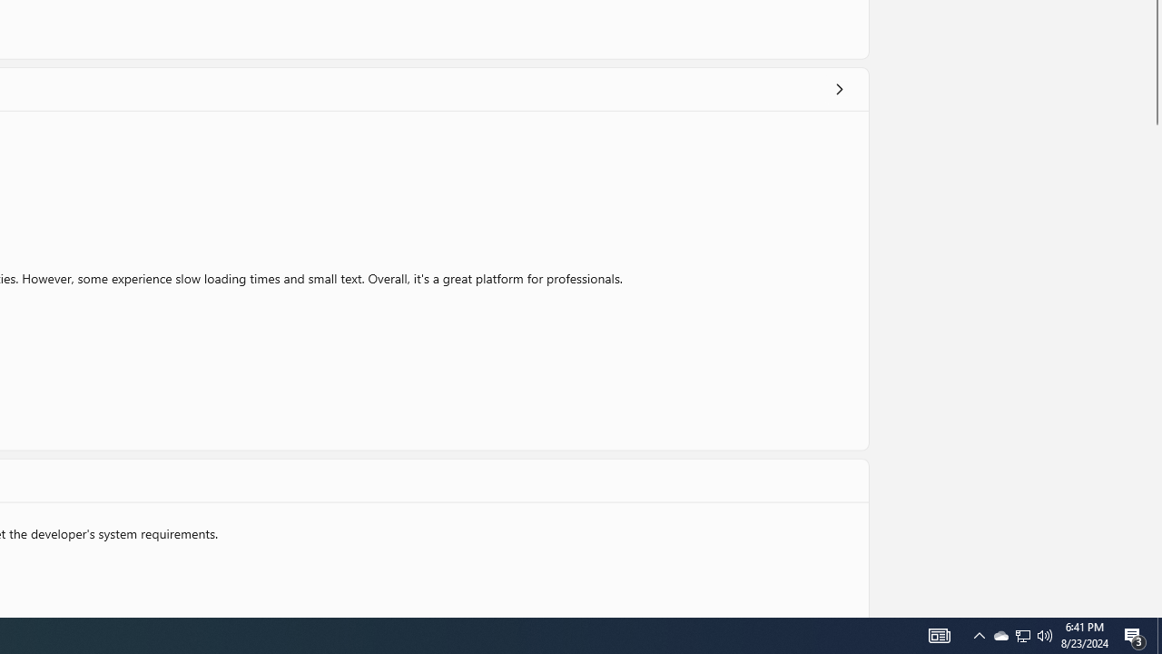  I want to click on 'Vertical Small Increase', so click(1154, 610).